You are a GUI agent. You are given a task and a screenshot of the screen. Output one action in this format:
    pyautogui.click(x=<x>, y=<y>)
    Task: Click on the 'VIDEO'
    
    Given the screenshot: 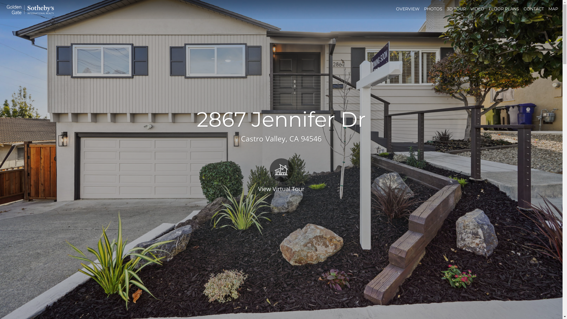 What is the action you would take?
    pyautogui.click(x=470, y=9)
    